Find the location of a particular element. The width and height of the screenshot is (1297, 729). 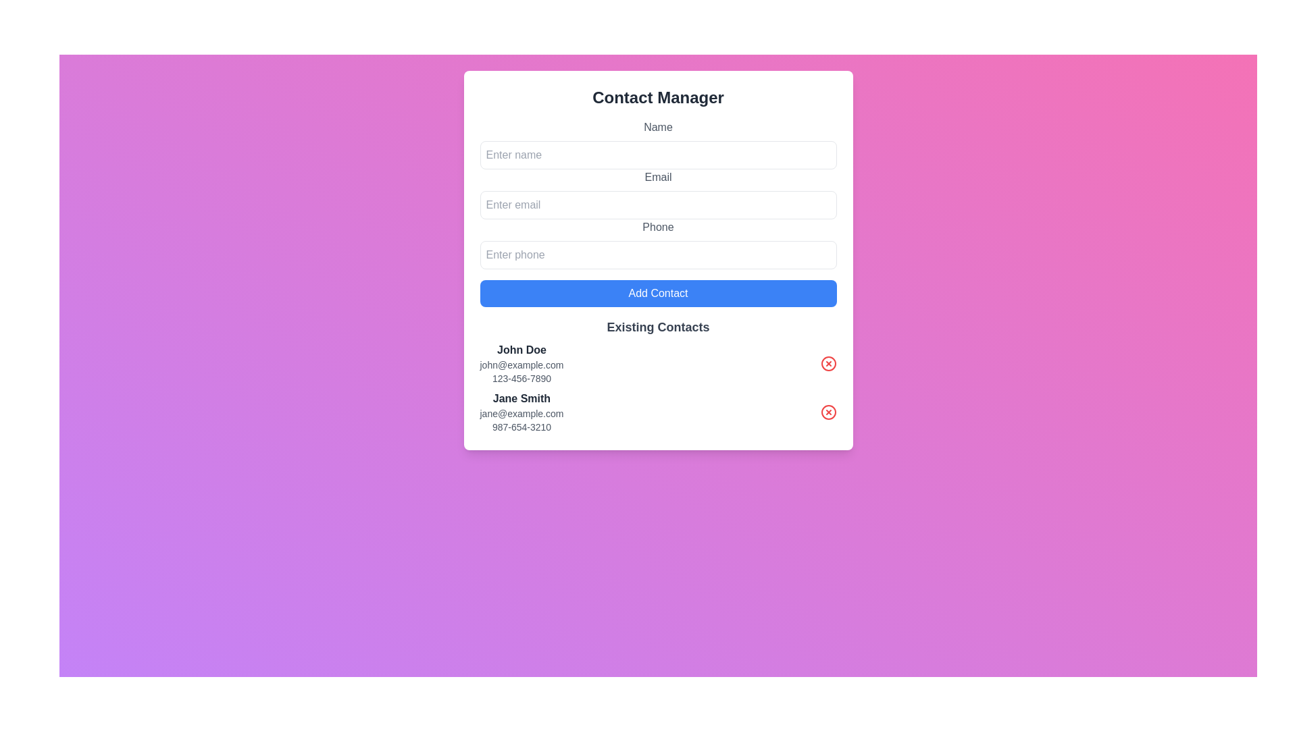

contact information displayed in the first contact card of the 'Existing Contacts' section, which includes the name, email, and phone number is located at coordinates (658, 363).